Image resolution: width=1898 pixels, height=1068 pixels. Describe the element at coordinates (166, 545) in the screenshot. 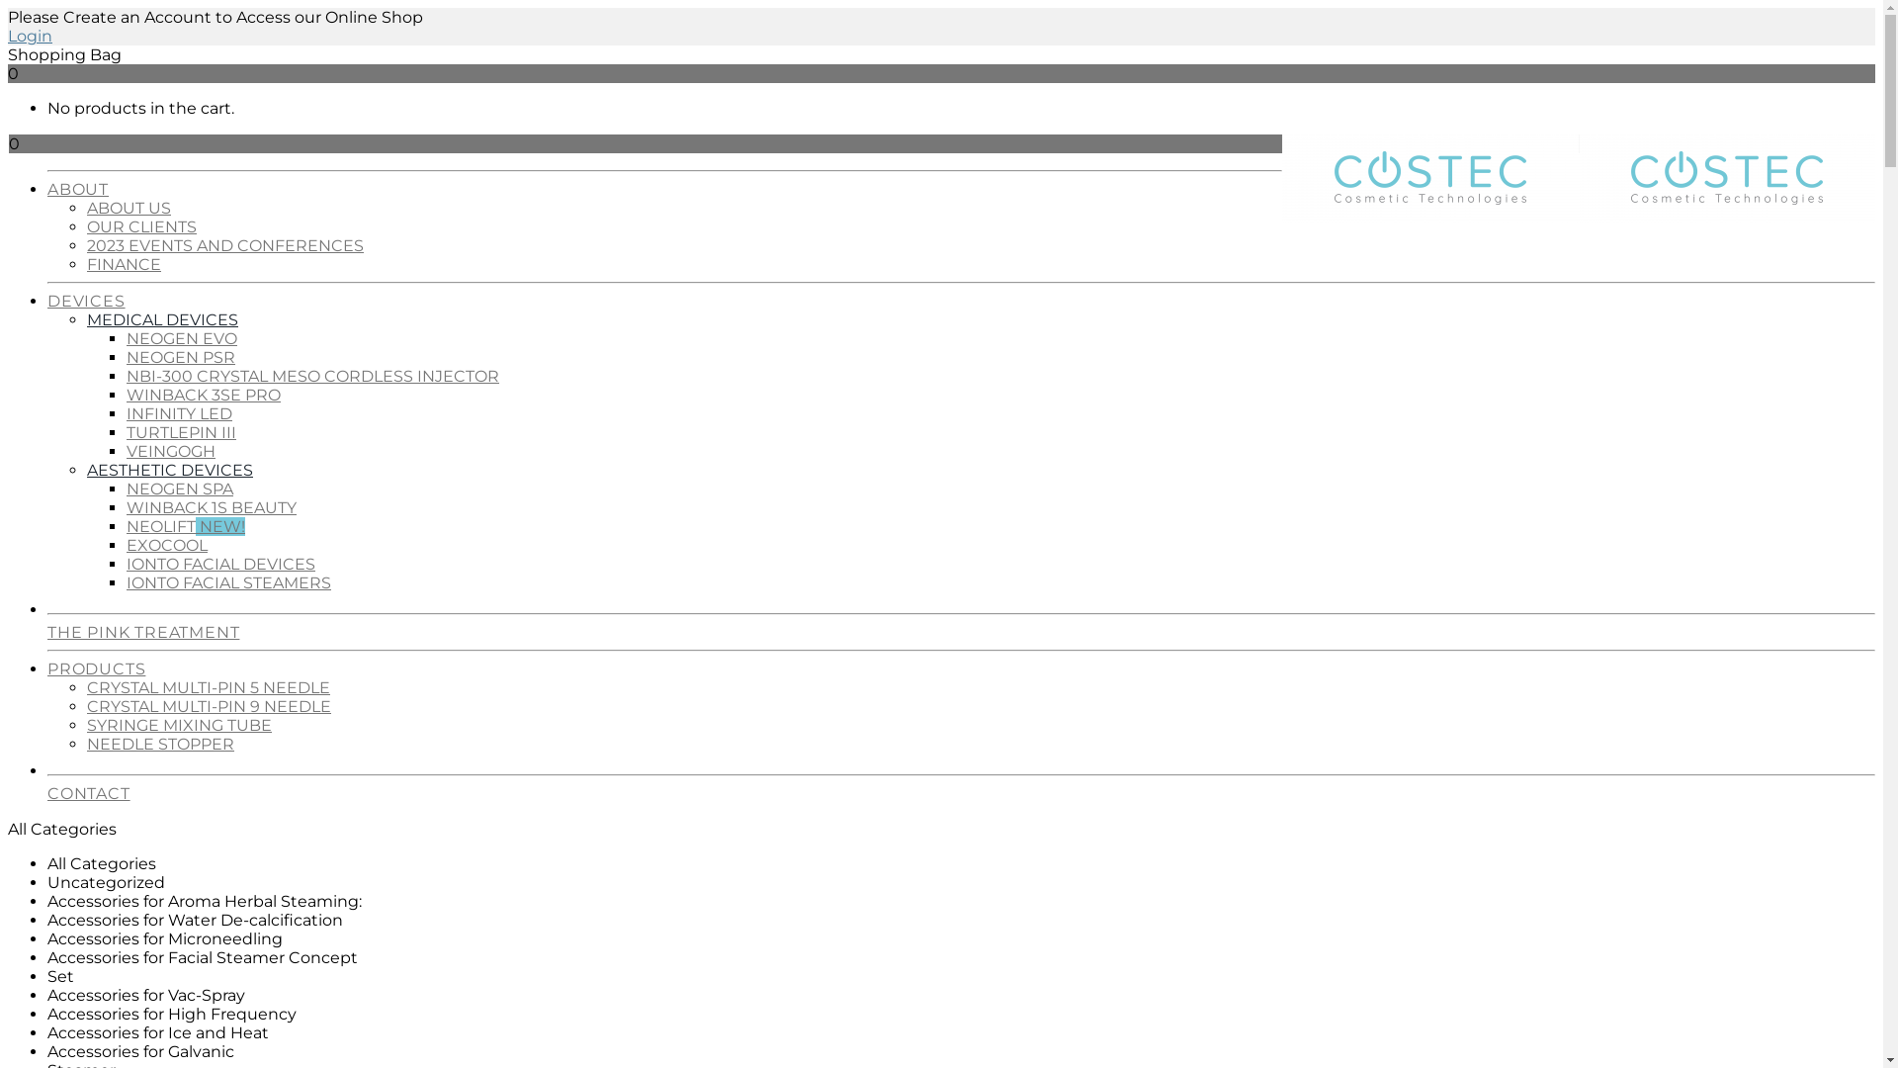

I see `'EXOCOOL'` at that location.